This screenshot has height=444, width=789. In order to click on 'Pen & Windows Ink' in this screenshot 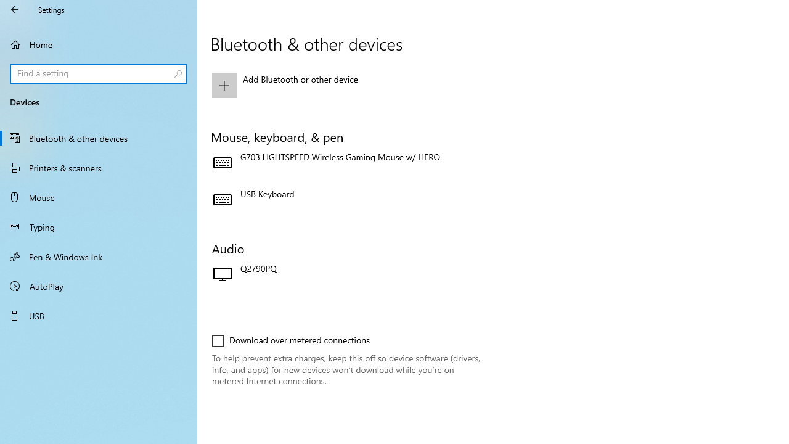, I will do `click(99, 255)`.